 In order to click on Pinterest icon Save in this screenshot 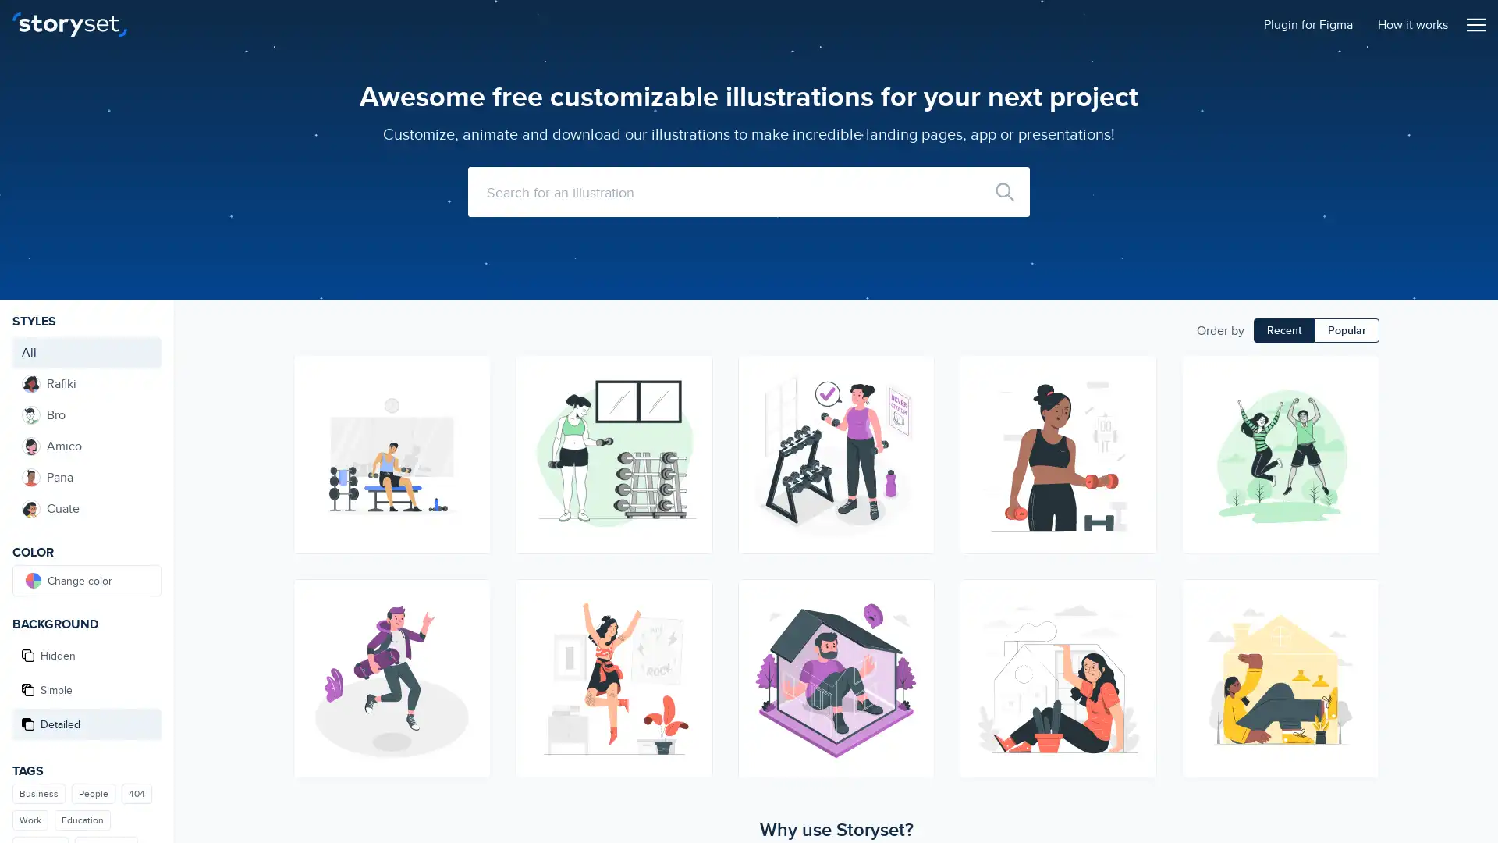, I will do `click(692, 430)`.